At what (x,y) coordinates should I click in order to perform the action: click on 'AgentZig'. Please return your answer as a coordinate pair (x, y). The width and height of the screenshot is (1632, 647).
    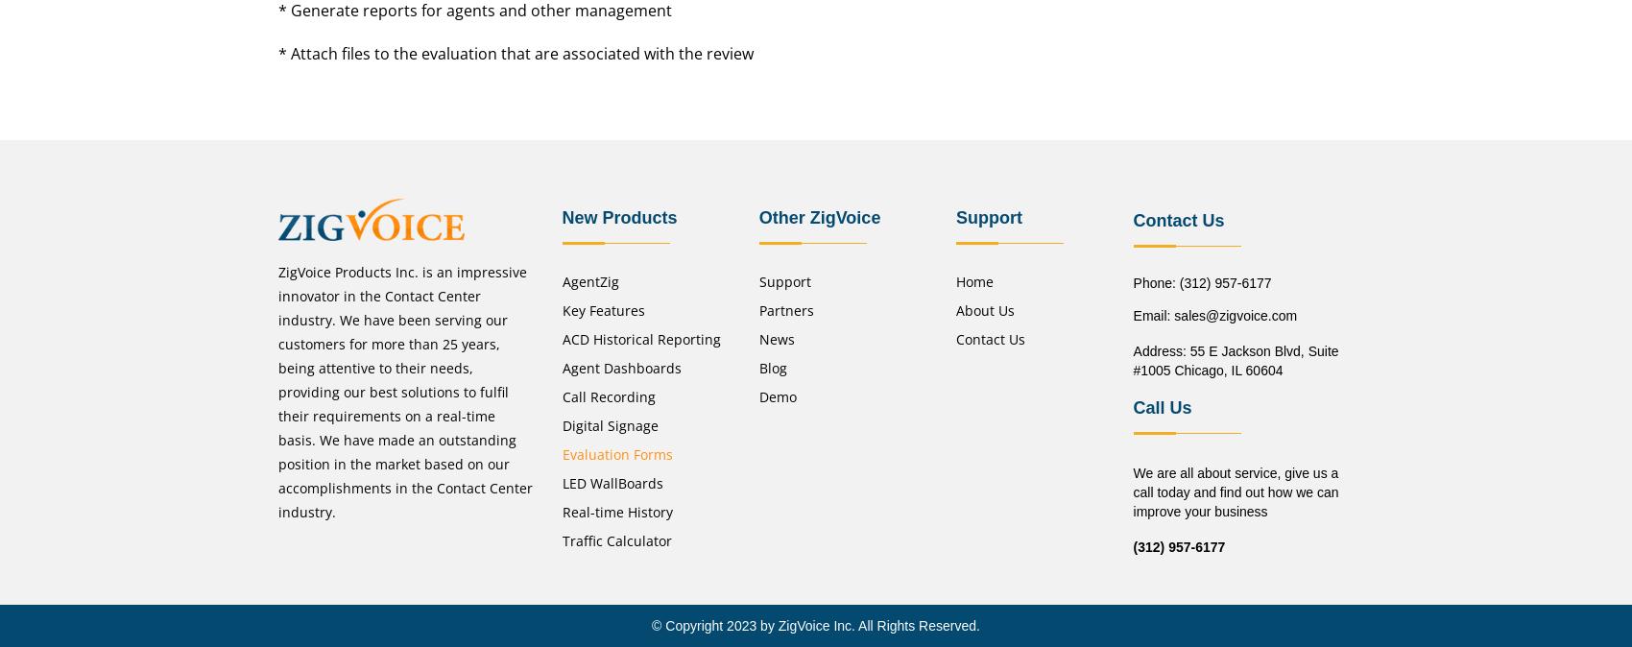
    Looking at the image, I should click on (560, 281).